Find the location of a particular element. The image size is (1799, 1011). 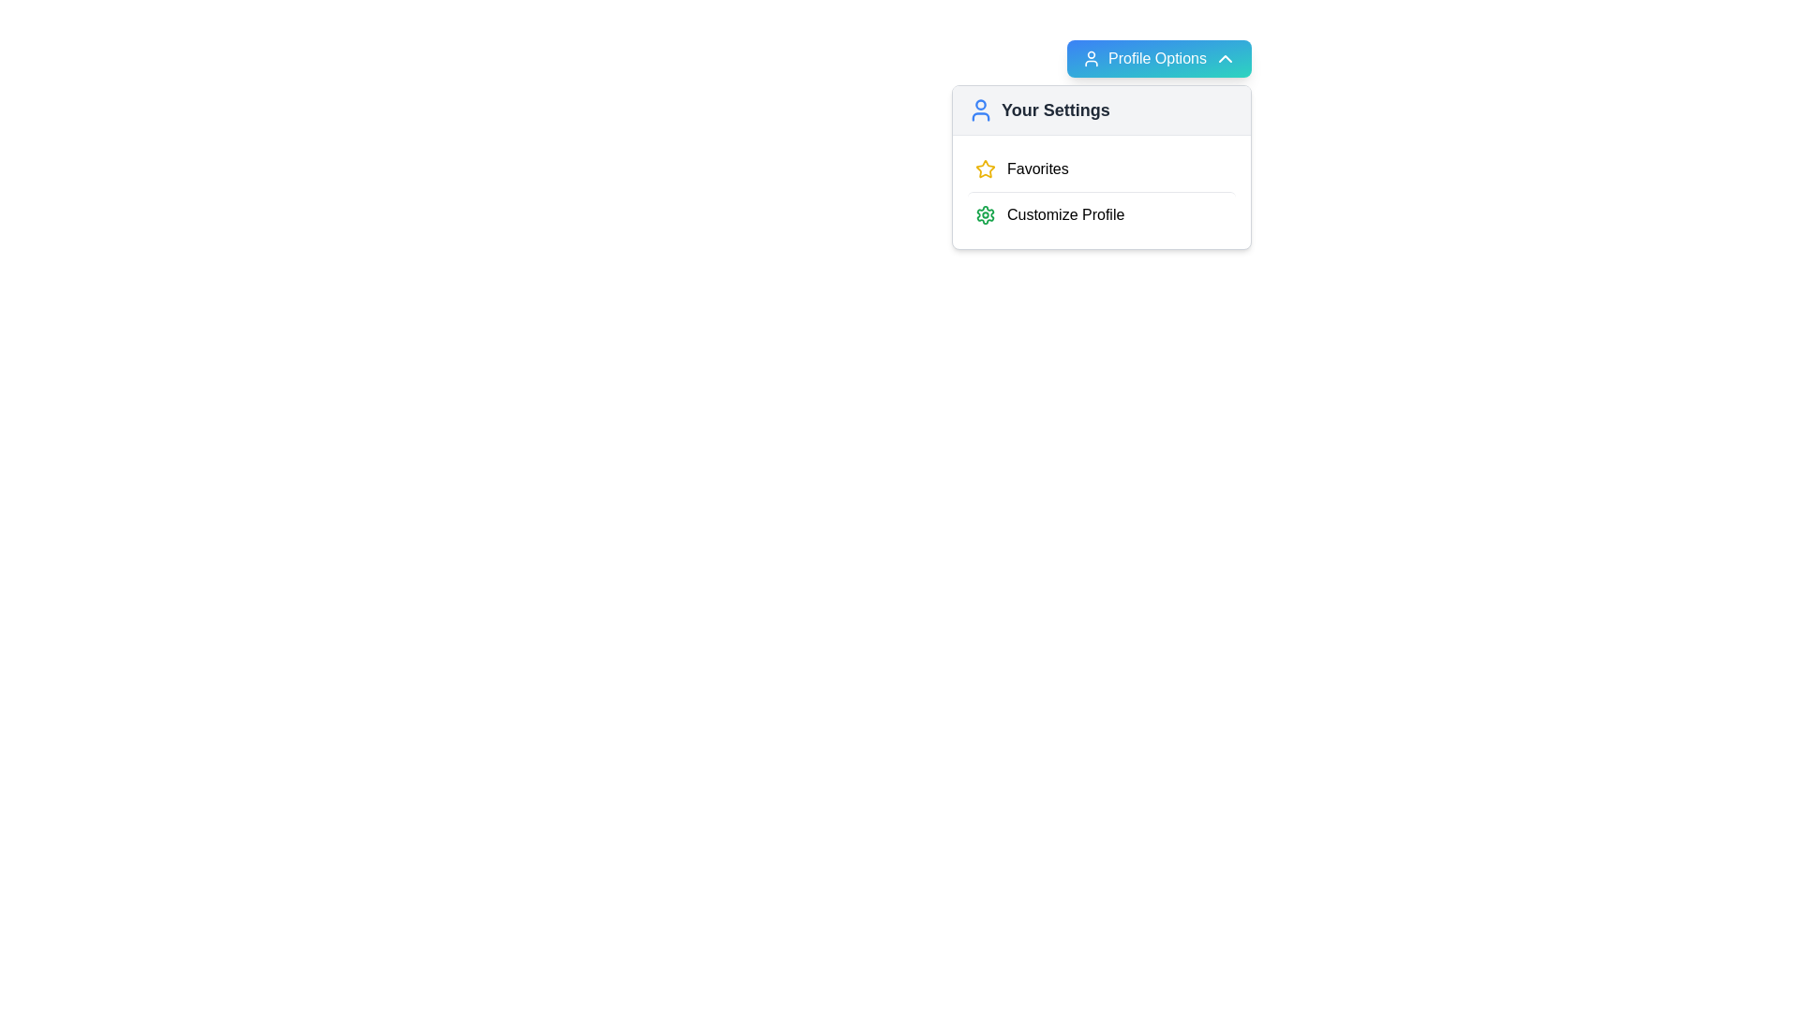

the small circular shape with a blue outline within the user profile icon, which is located at the top-left corner of the dropdown settings menu next to 'Your Settings' is located at coordinates (979, 105).